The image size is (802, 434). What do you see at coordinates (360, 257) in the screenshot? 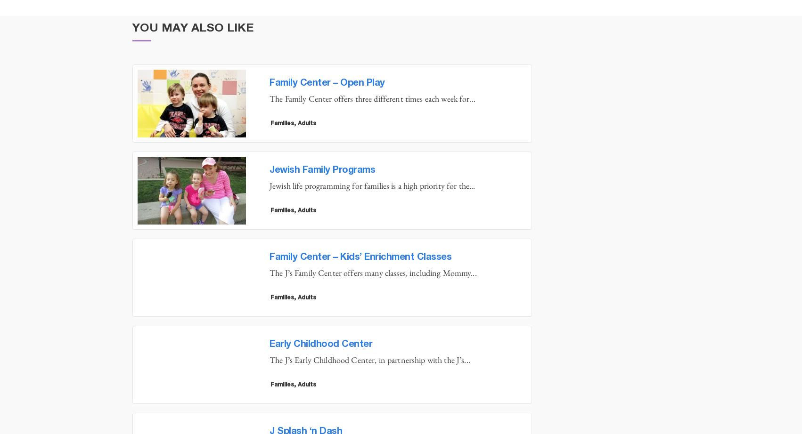
I see `'Family Center – Kids’ Enrichment Classes'` at bounding box center [360, 257].